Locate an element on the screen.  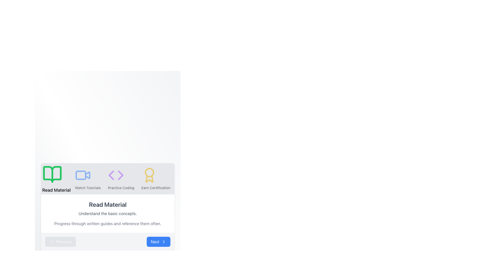
the 'Next' button, which is a rectangular button with bold white text on a blue background, located at the bottom right corner of the interface is located at coordinates (158, 242).